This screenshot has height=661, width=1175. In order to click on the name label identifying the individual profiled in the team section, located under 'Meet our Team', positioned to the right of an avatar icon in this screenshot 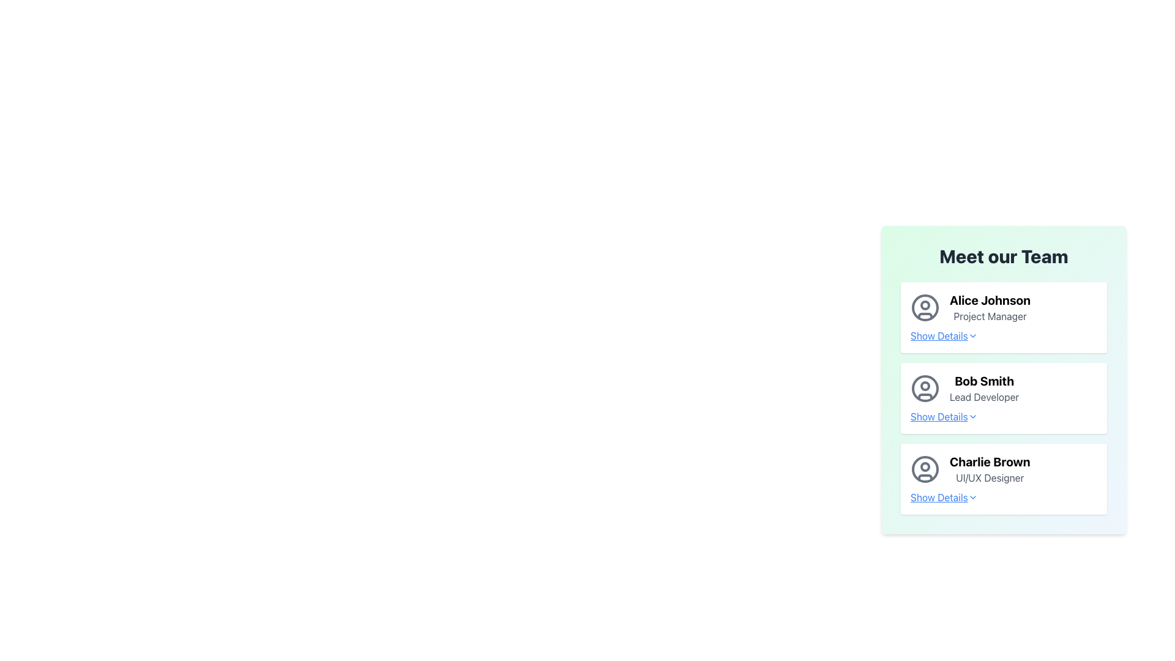, I will do `click(990, 462)`.